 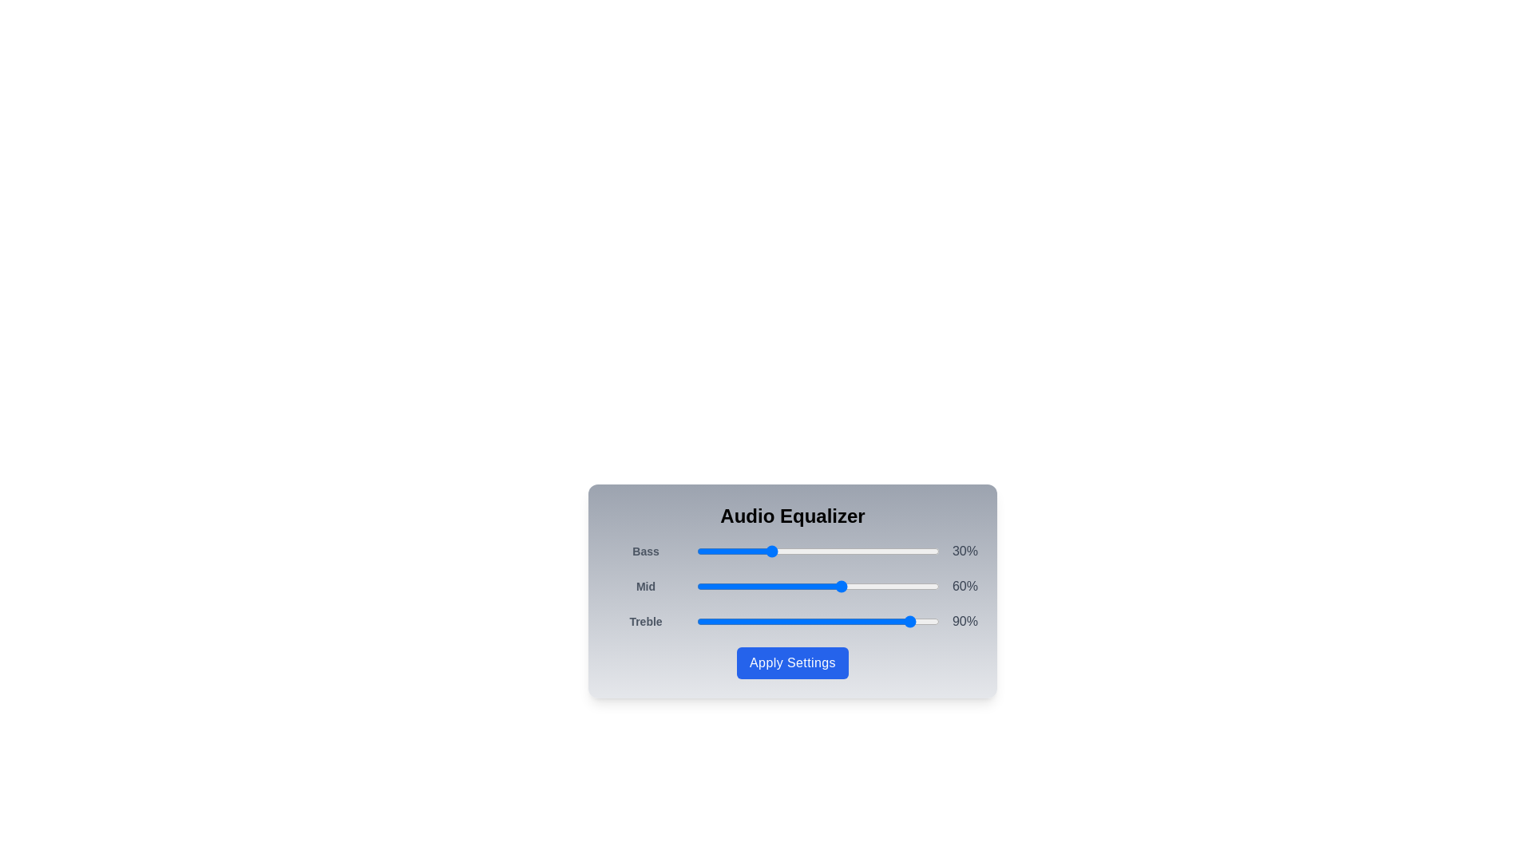 I want to click on the 'Bass' slider to 89%, so click(x=913, y=550).